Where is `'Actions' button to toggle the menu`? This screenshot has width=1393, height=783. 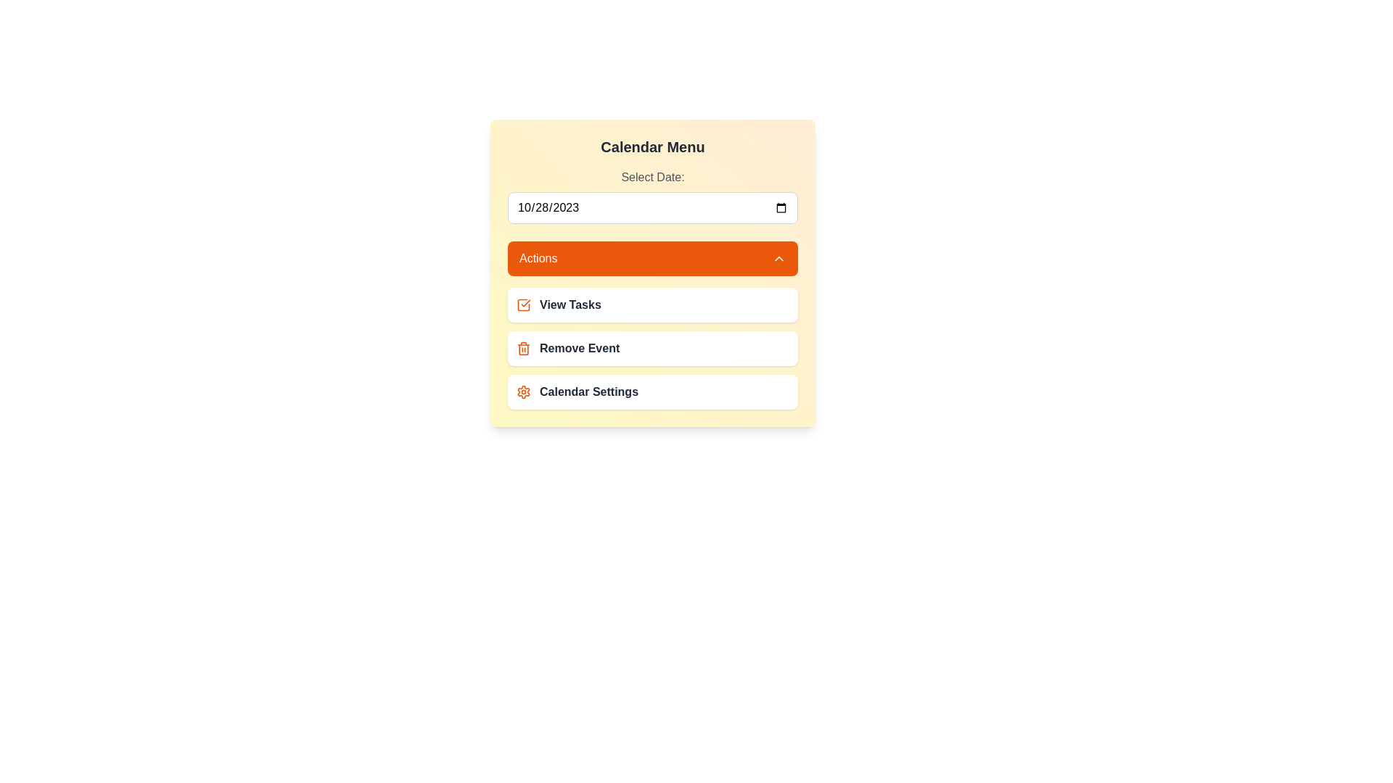
'Actions' button to toggle the menu is located at coordinates (652, 258).